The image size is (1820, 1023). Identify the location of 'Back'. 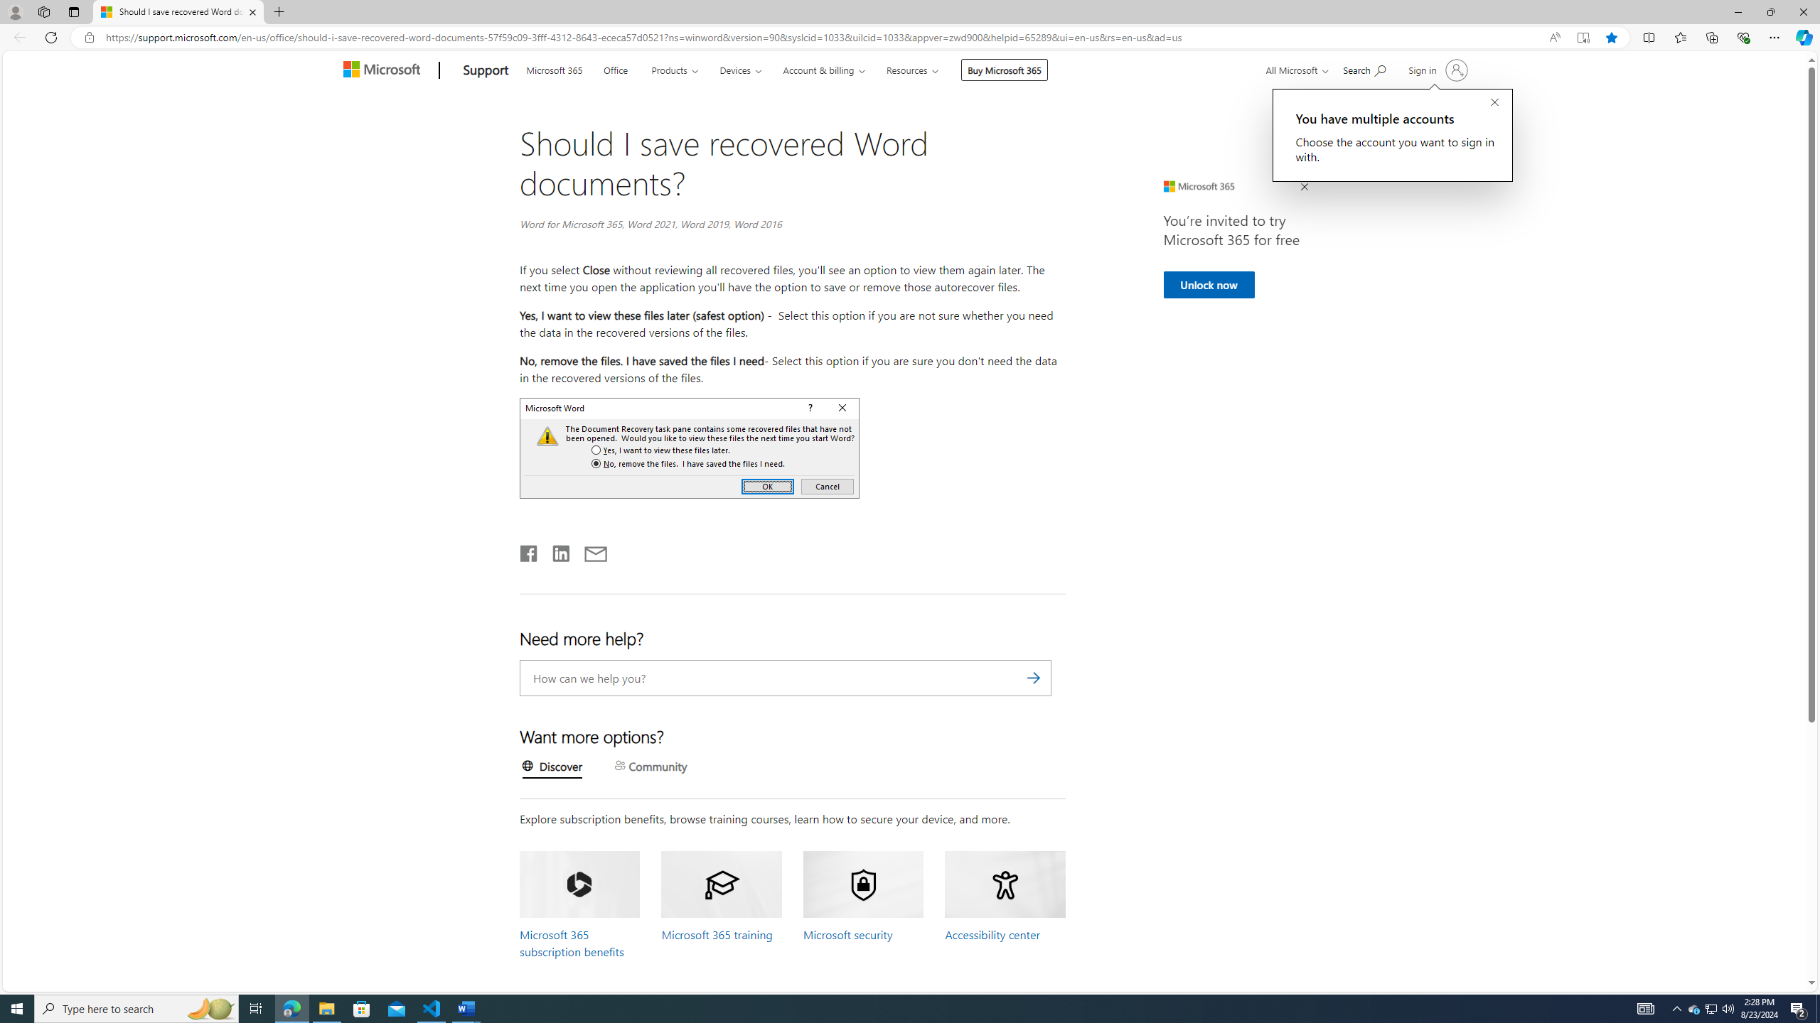
(17, 36).